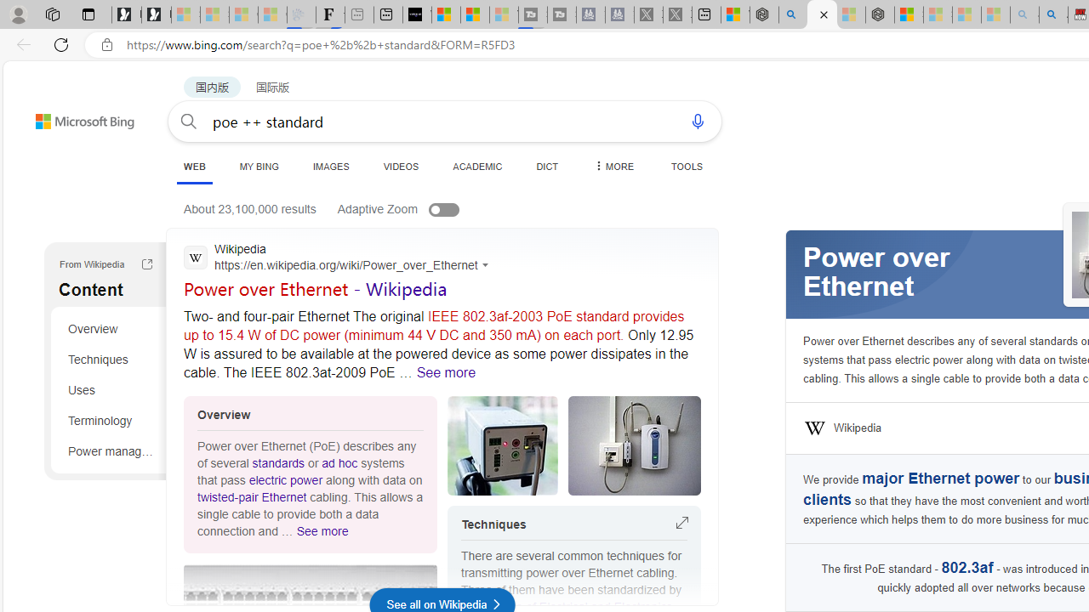  Describe the element at coordinates (54, 113) in the screenshot. I see `'Skip to content'` at that location.